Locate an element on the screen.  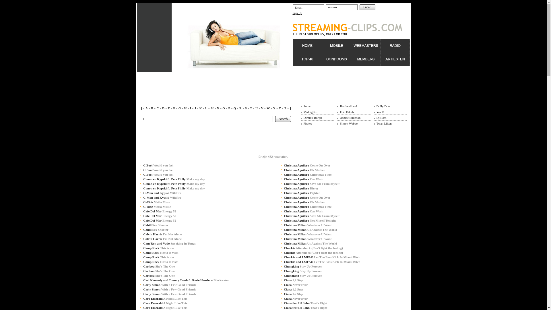
'Camp Rock This is me' is located at coordinates (158, 257).